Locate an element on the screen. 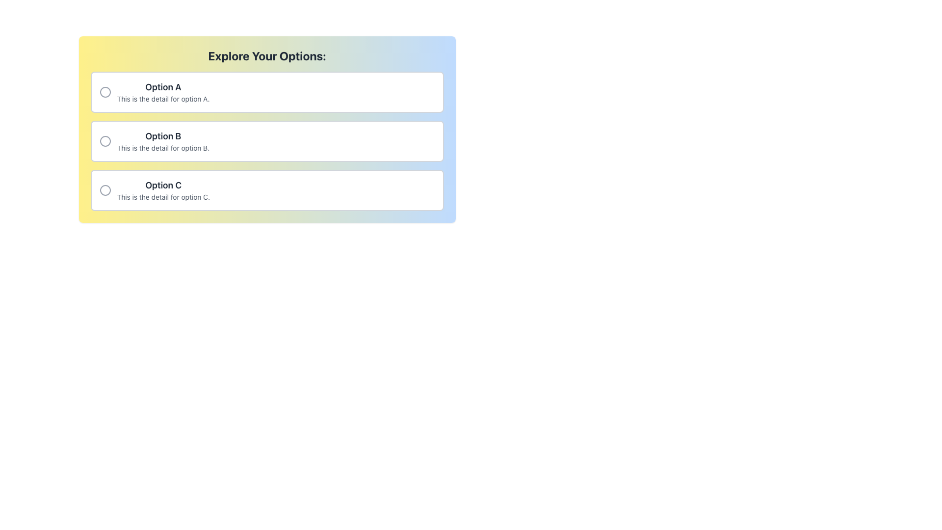 The width and height of the screenshot is (942, 530). the radio button for 'Option B' is located at coordinates (105, 141).